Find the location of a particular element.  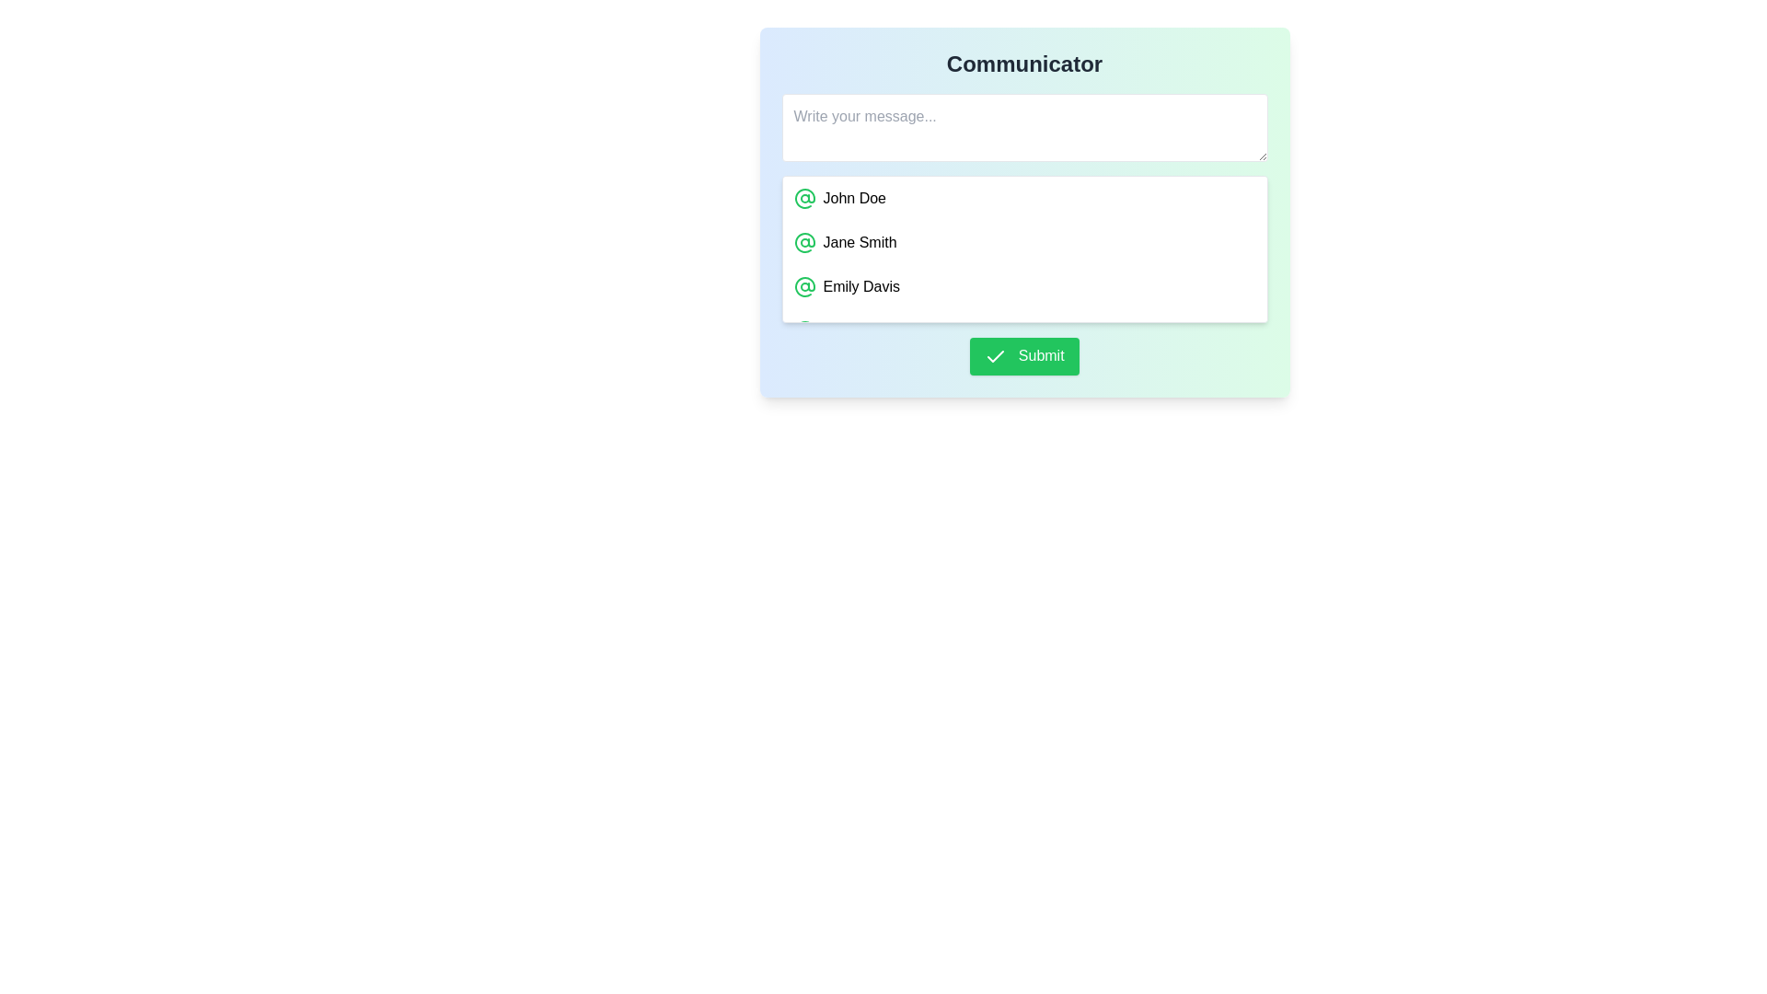

the text label 'Jane Smith' in the selection list under 'Communicator' is located at coordinates (859, 241).